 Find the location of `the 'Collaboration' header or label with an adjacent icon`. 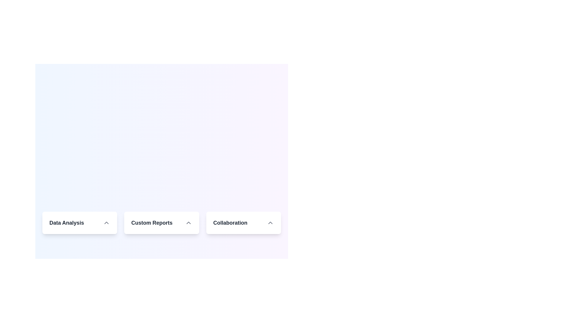

the 'Collaboration' header or label with an adjacent icon is located at coordinates (243, 223).